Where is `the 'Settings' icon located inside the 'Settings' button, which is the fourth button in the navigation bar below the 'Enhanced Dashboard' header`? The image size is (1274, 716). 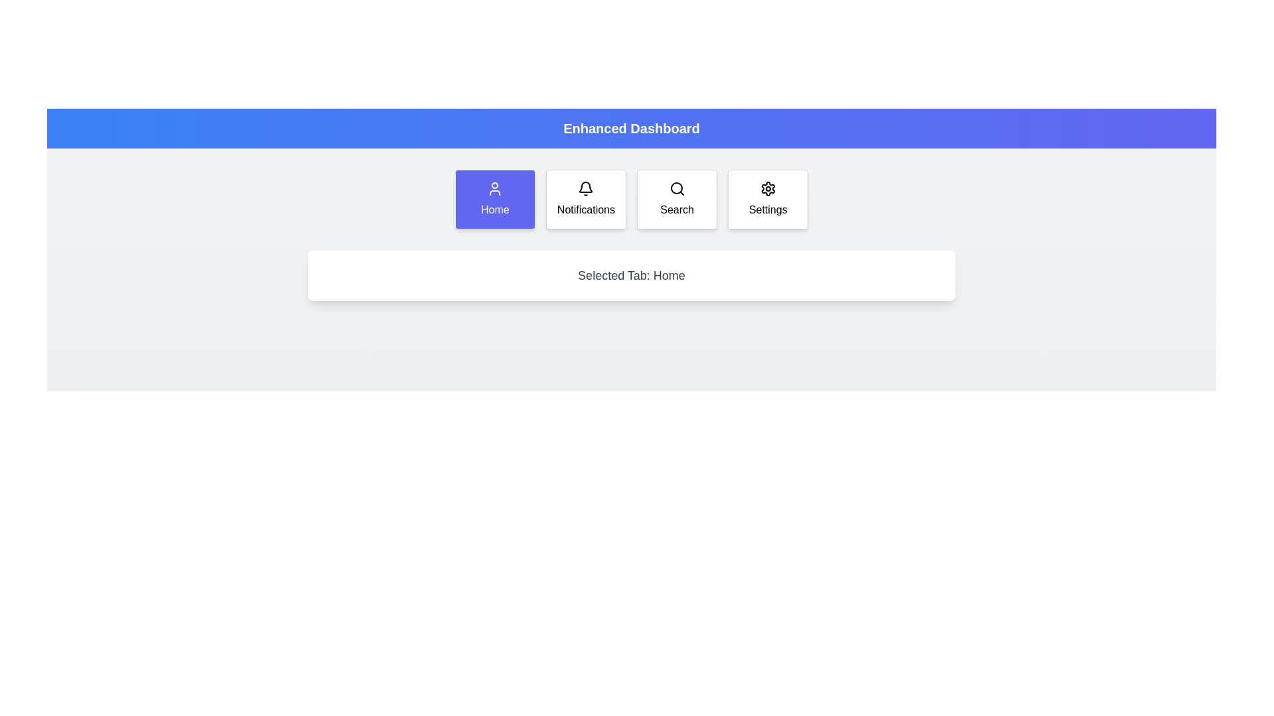
the 'Settings' icon located inside the 'Settings' button, which is the fourth button in the navigation bar below the 'Enhanced Dashboard' header is located at coordinates (768, 189).